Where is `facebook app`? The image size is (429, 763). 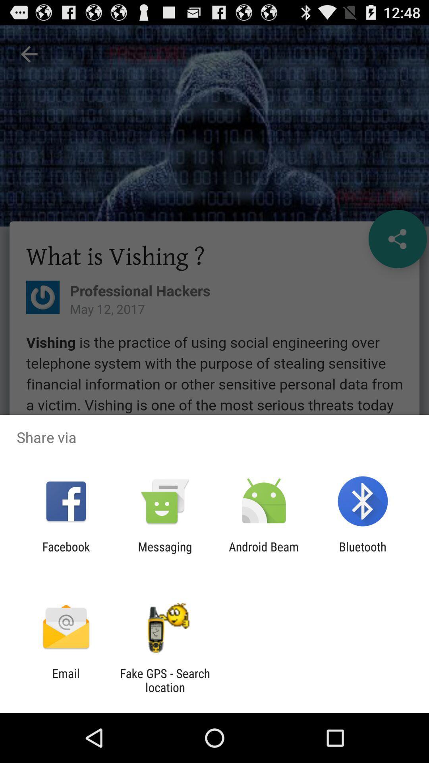
facebook app is located at coordinates (66, 553).